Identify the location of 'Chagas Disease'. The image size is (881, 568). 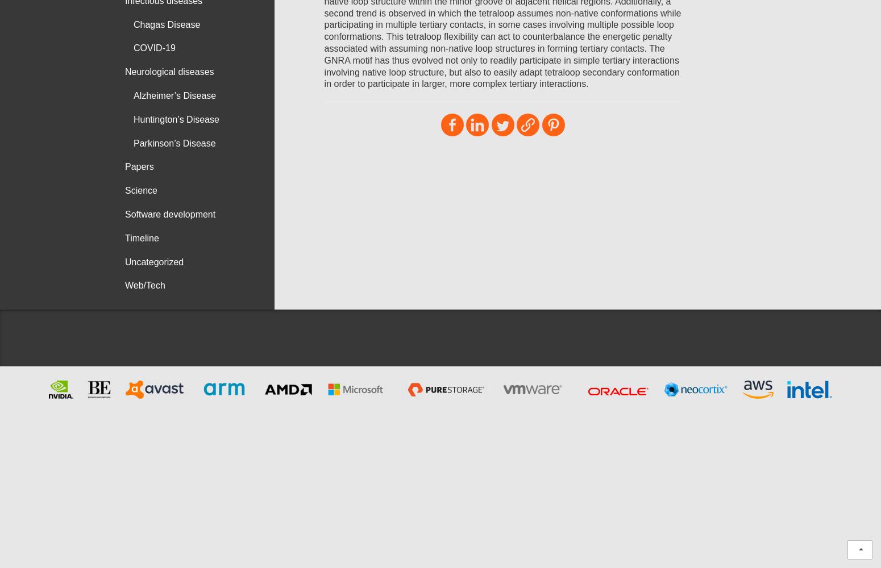
(167, 24).